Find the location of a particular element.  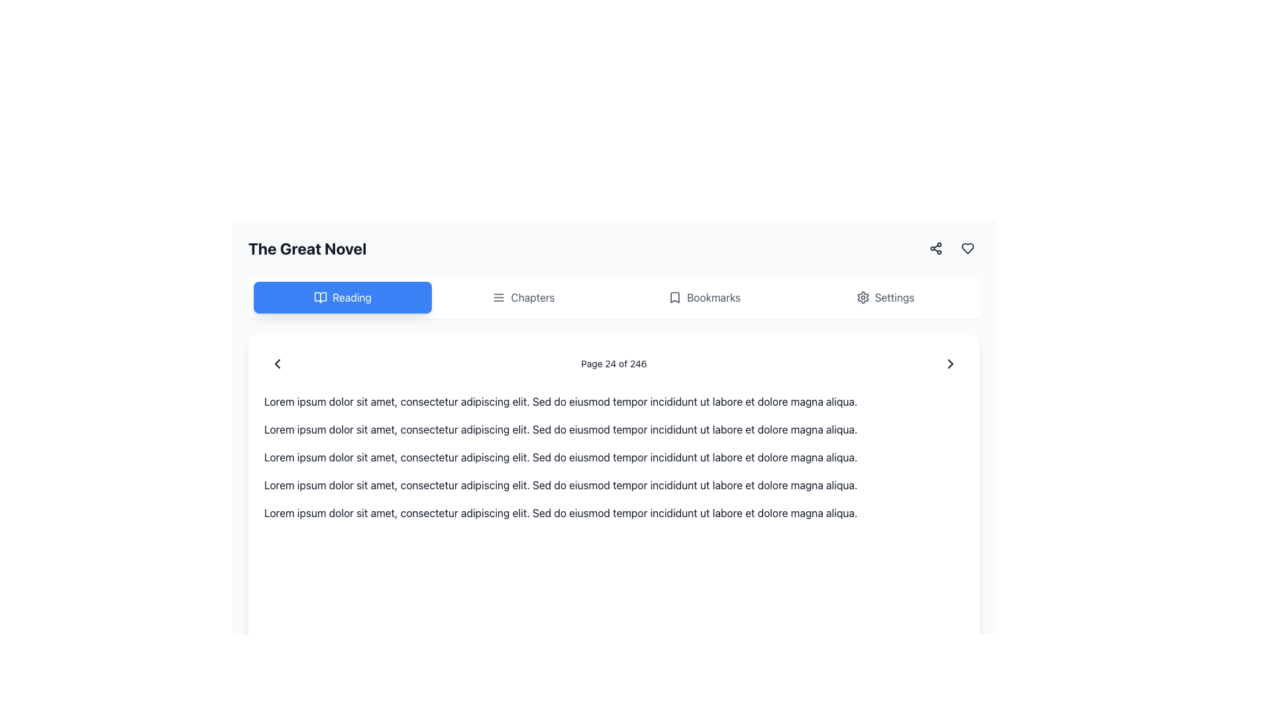

the second button in the navigation bar is located at coordinates (523, 296).